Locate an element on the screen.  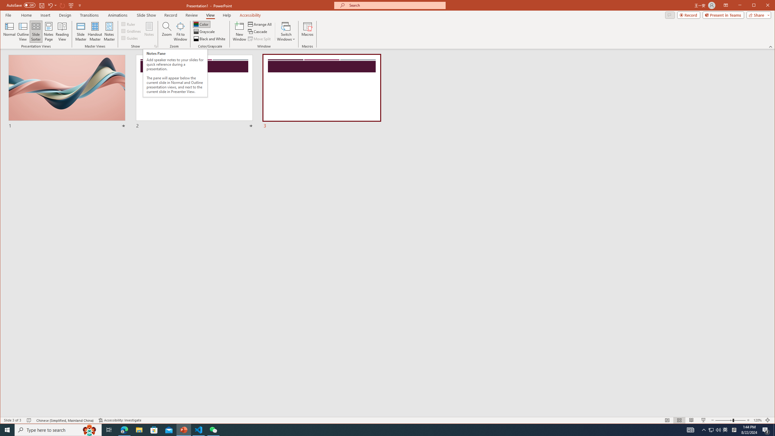
'Arrange All' is located at coordinates (260, 24).